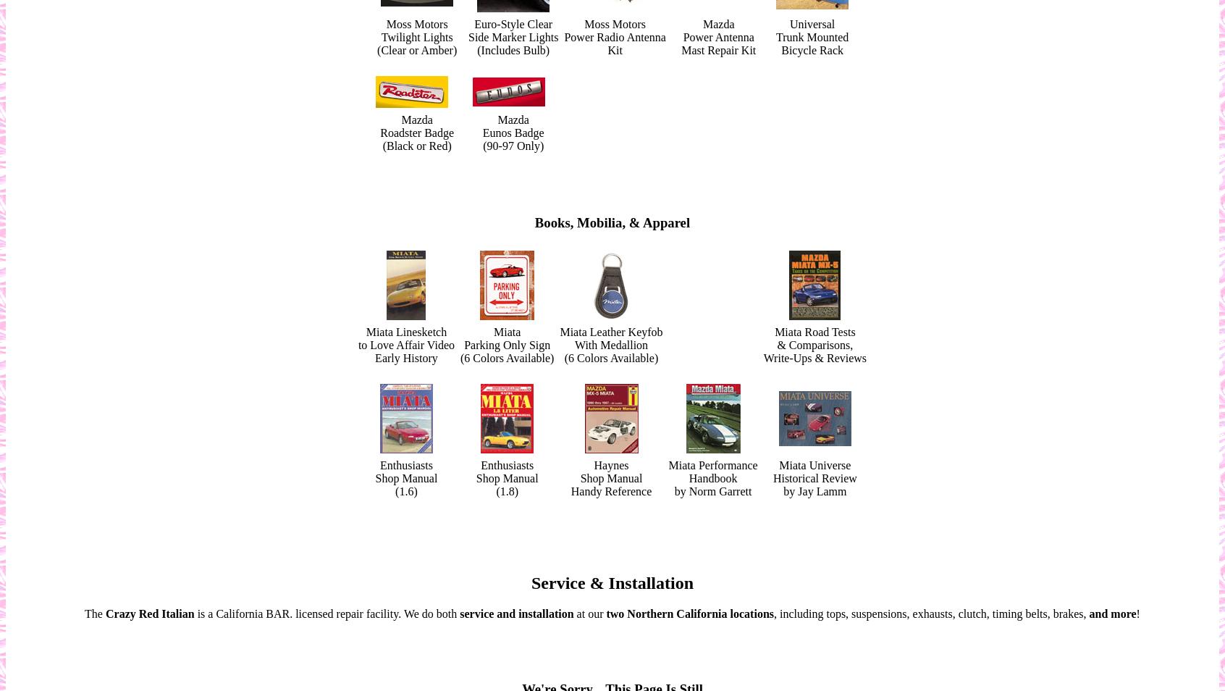 Image resolution: width=1225 pixels, height=691 pixels. I want to click on 'two Northern California 
          locations', so click(689, 613).